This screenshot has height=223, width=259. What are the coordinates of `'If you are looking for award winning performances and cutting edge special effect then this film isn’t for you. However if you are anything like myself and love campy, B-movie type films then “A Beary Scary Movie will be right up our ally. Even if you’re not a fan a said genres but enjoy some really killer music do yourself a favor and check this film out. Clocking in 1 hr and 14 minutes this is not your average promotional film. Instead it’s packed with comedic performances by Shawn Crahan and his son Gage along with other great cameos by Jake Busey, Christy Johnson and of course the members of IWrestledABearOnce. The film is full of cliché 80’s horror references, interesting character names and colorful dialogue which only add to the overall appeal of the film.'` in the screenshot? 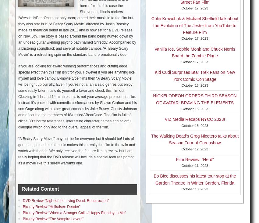 It's located at (77, 96).